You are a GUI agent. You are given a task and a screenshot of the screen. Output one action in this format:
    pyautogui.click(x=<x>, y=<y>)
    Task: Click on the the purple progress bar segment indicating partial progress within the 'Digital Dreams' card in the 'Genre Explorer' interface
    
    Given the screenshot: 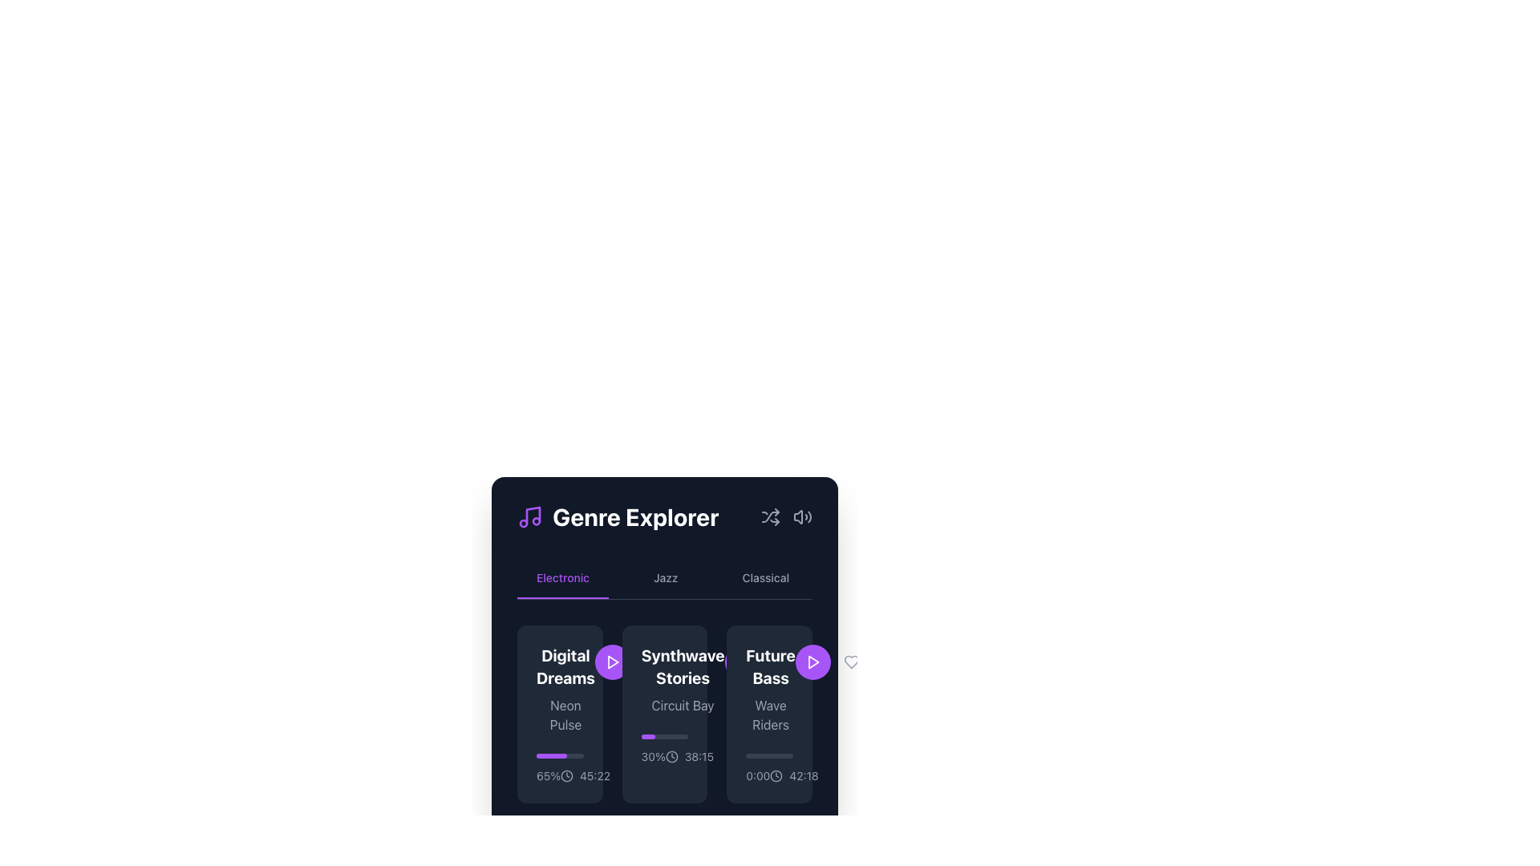 What is the action you would take?
    pyautogui.click(x=552, y=755)
    